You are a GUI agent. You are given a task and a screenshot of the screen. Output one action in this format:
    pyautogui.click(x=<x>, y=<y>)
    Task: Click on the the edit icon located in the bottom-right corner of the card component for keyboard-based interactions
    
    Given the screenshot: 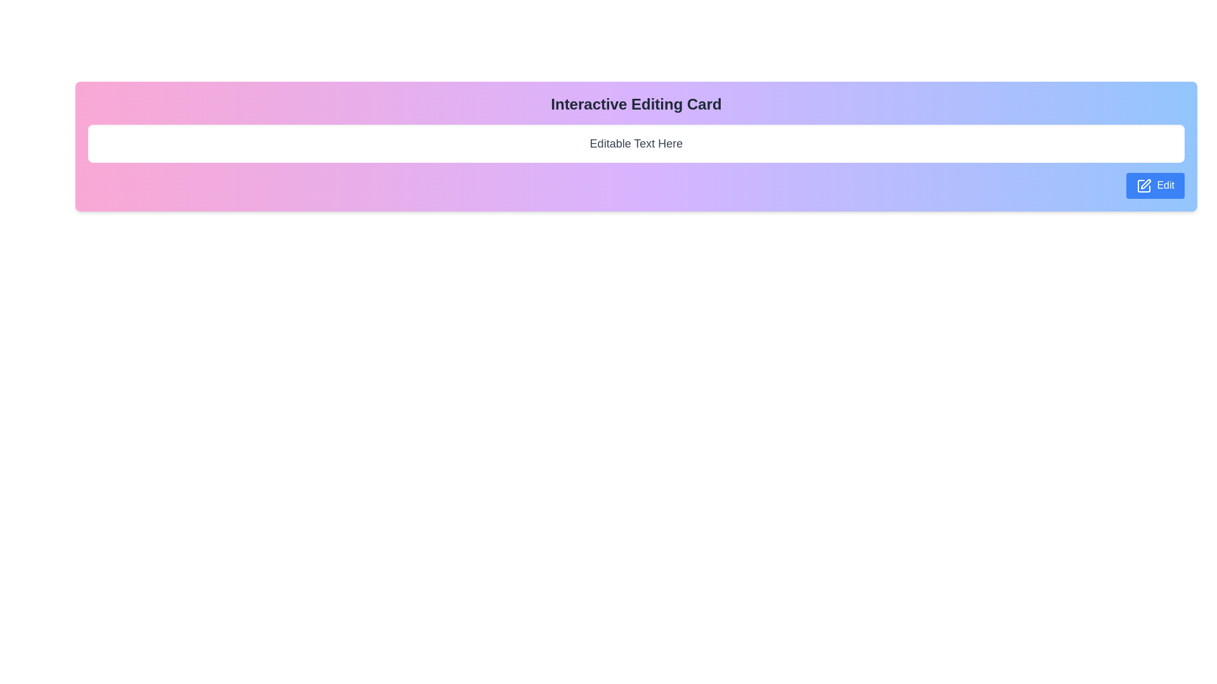 What is the action you would take?
    pyautogui.click(x=1144, y=186)
    